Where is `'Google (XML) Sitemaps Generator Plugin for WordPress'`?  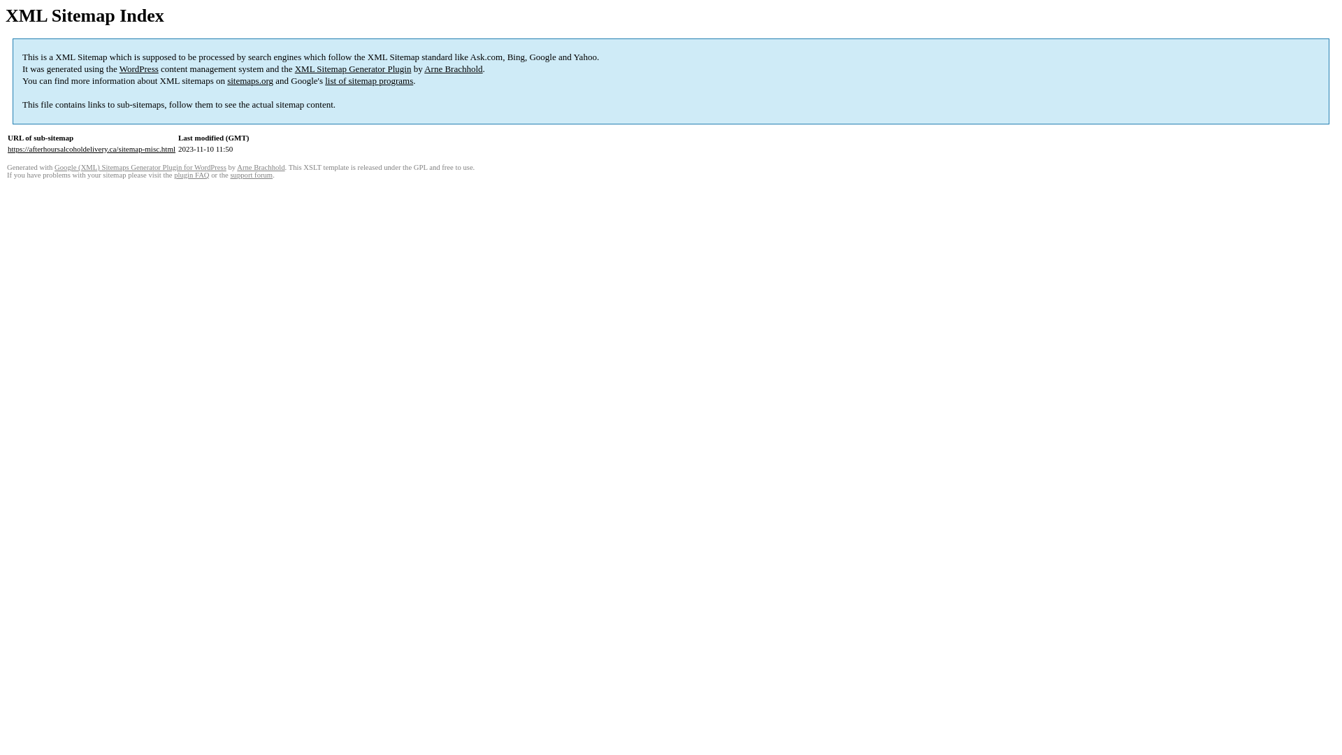
'Google (XML) Sitemaps Generator Plugin for WordPress' is located at coordinates (140, 166).